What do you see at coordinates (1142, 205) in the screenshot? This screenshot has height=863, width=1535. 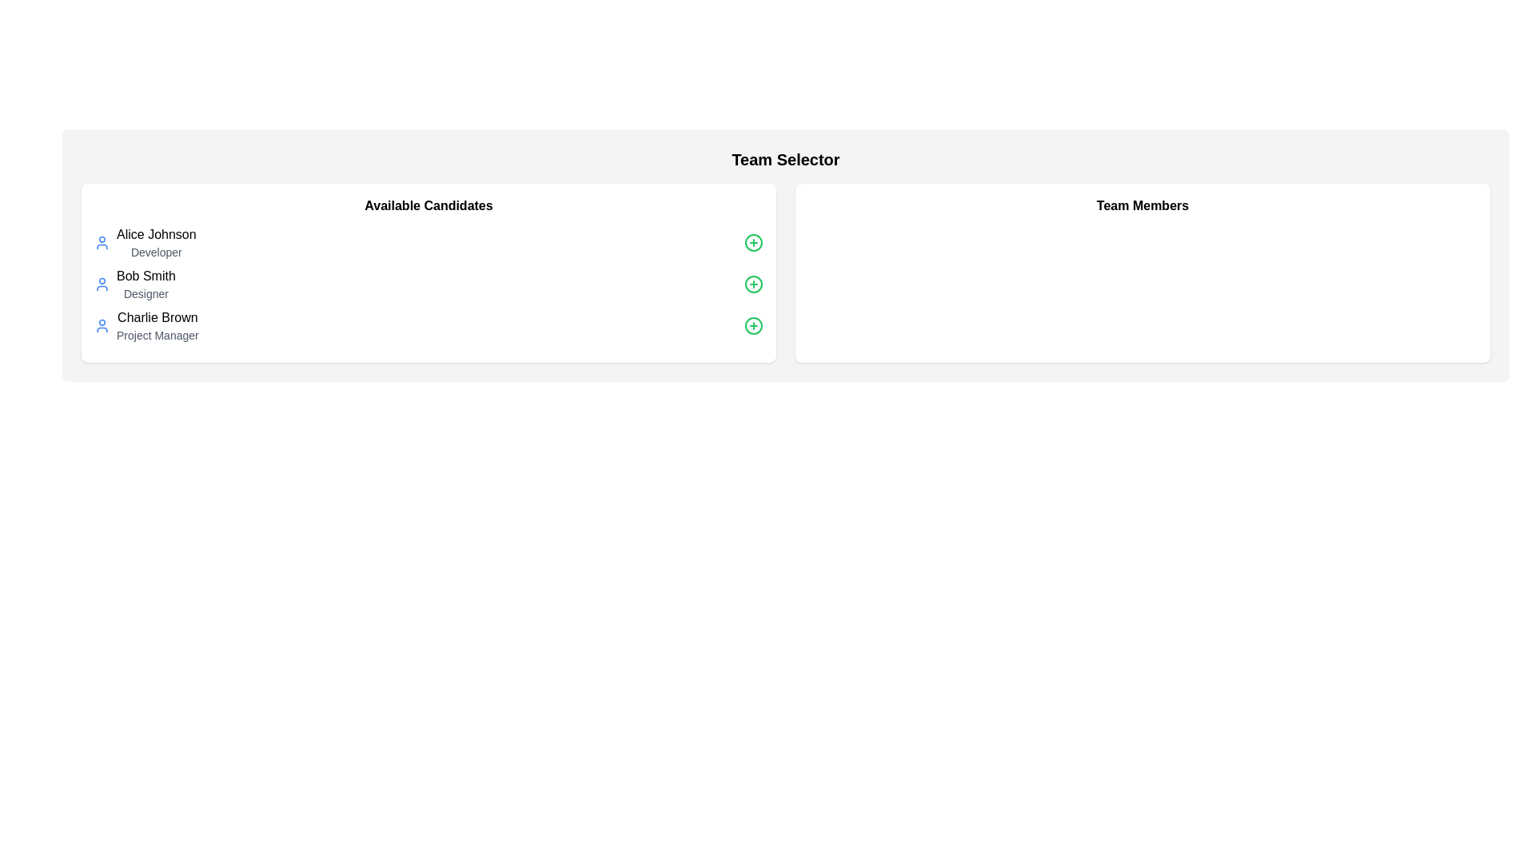 I see `the bold 'Team Members' text label located at the top of the right panel, which is styled with a semi-bold font and has a white box with rounded corners` at bounding box center [1142, 205].